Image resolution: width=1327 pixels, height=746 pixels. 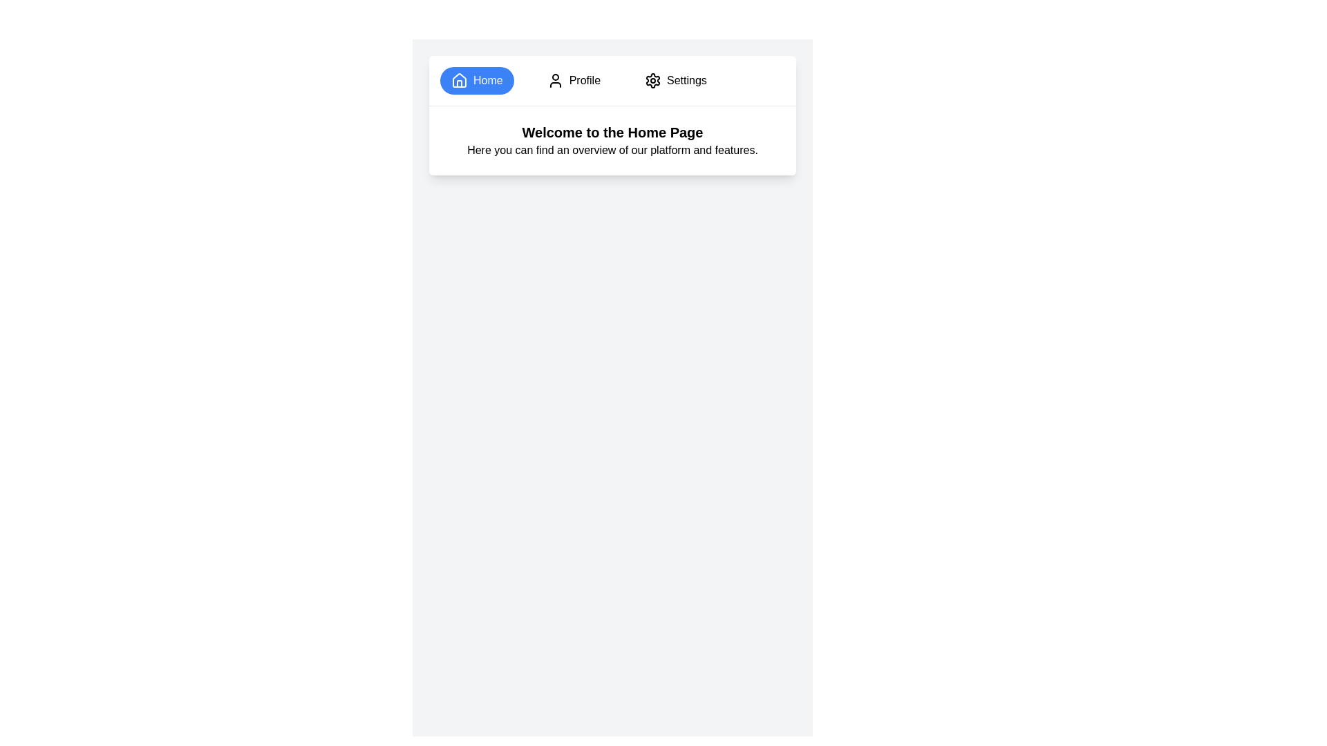 What do you see at coordinates (585, 80) in the screenshot?
I see `the text label that navigates to the user profile page, located centrally between the 'Home' and 'Settings' options` at bounding box center [585, 80].